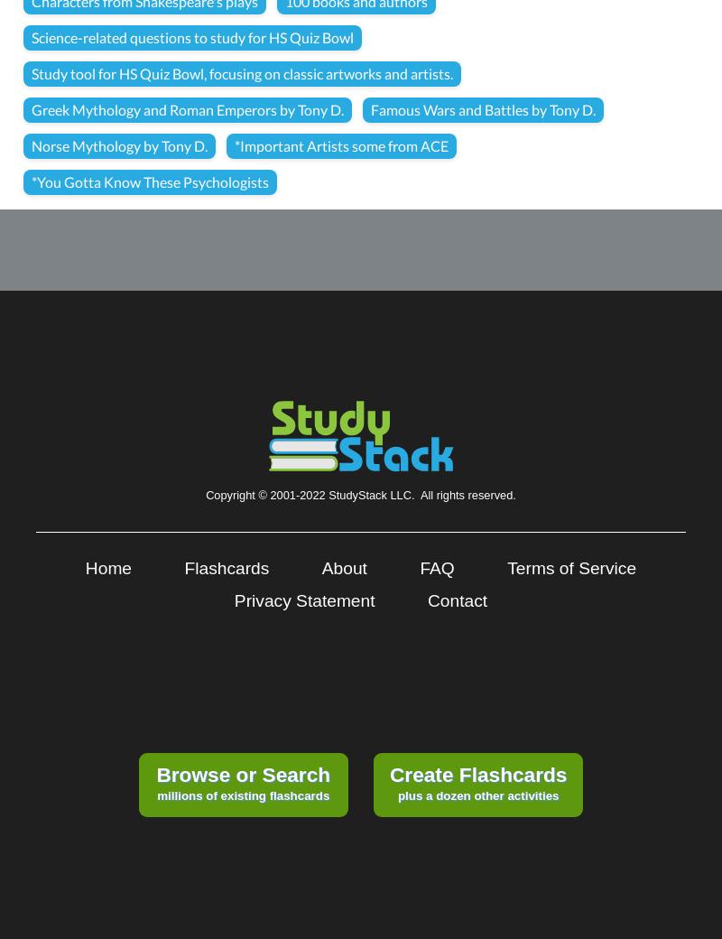 The image size is (722, 939). What do you see at coordinates (507, 567) in the screenshot?
I see `'Terms of Service'` at bounding box center [507, 567].